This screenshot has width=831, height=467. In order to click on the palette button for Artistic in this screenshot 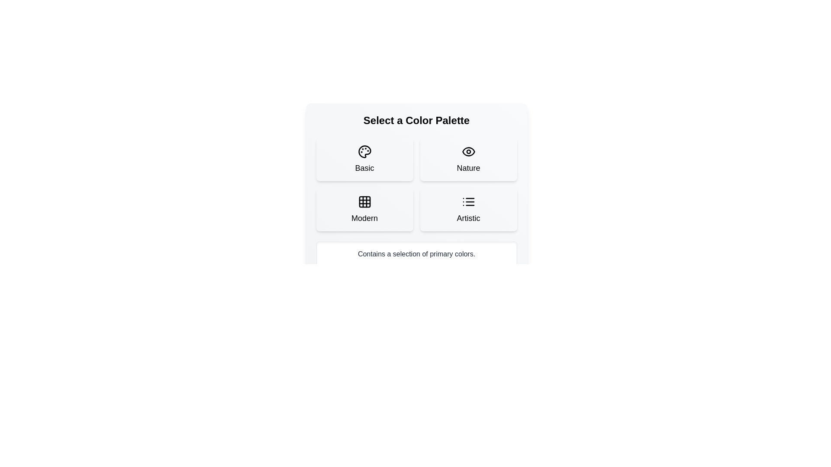, I will do `click(468, 210)`.